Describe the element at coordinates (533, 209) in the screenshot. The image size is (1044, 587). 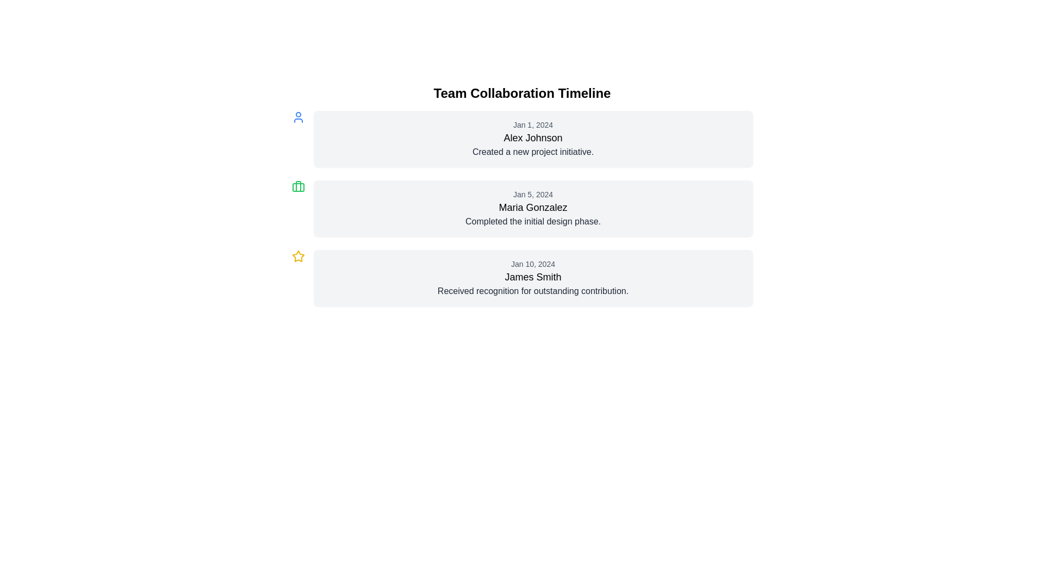
I see `the second Informational Card in the timeline, which displays a task completion entry with relevant date and responsible person information` at that location.